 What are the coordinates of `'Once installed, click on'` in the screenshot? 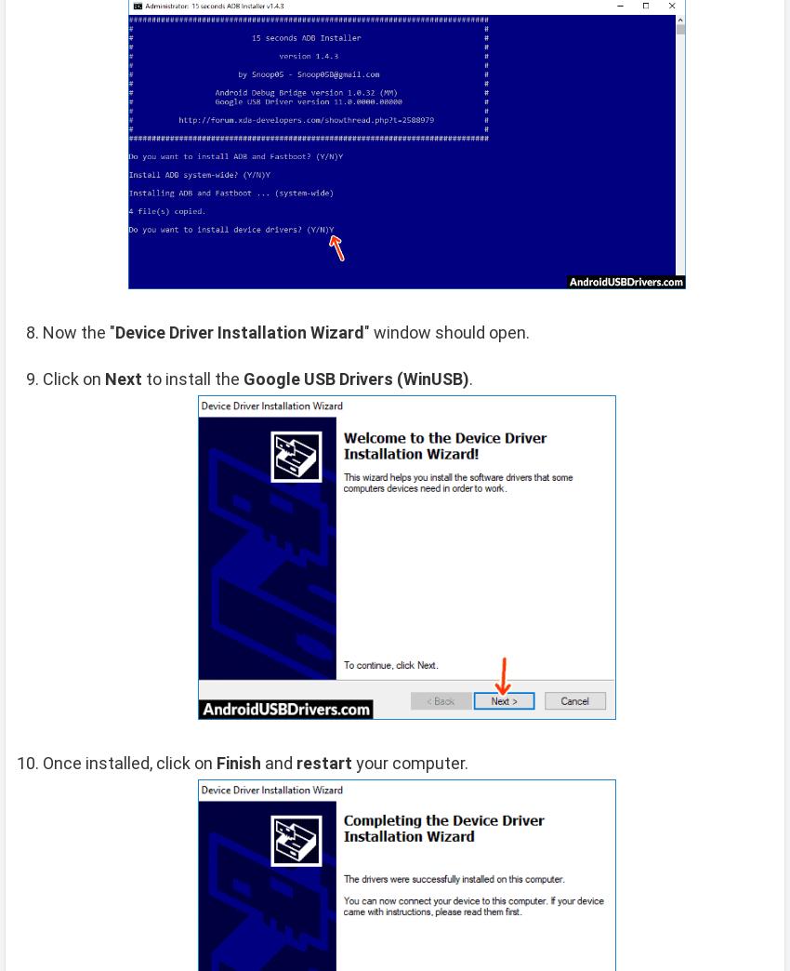 It's located at (129, 762).